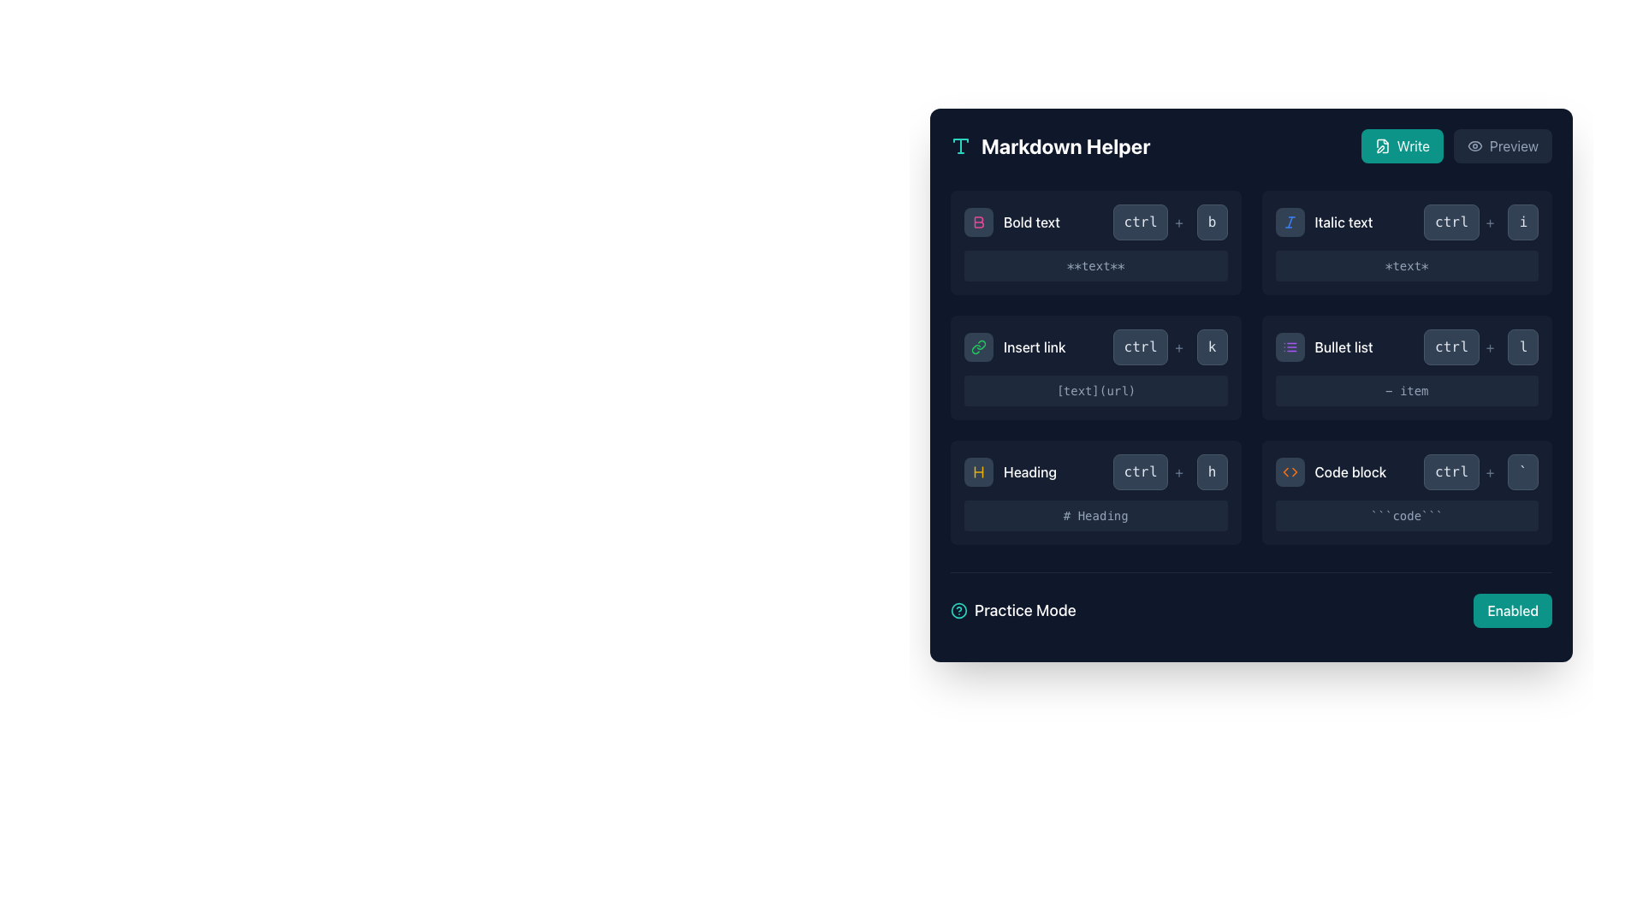  I want to click on the key/button labeled with the character '`', which is located on the right side of the 'Code block' button in the Markdown Helper UI, so click(1523, 471).